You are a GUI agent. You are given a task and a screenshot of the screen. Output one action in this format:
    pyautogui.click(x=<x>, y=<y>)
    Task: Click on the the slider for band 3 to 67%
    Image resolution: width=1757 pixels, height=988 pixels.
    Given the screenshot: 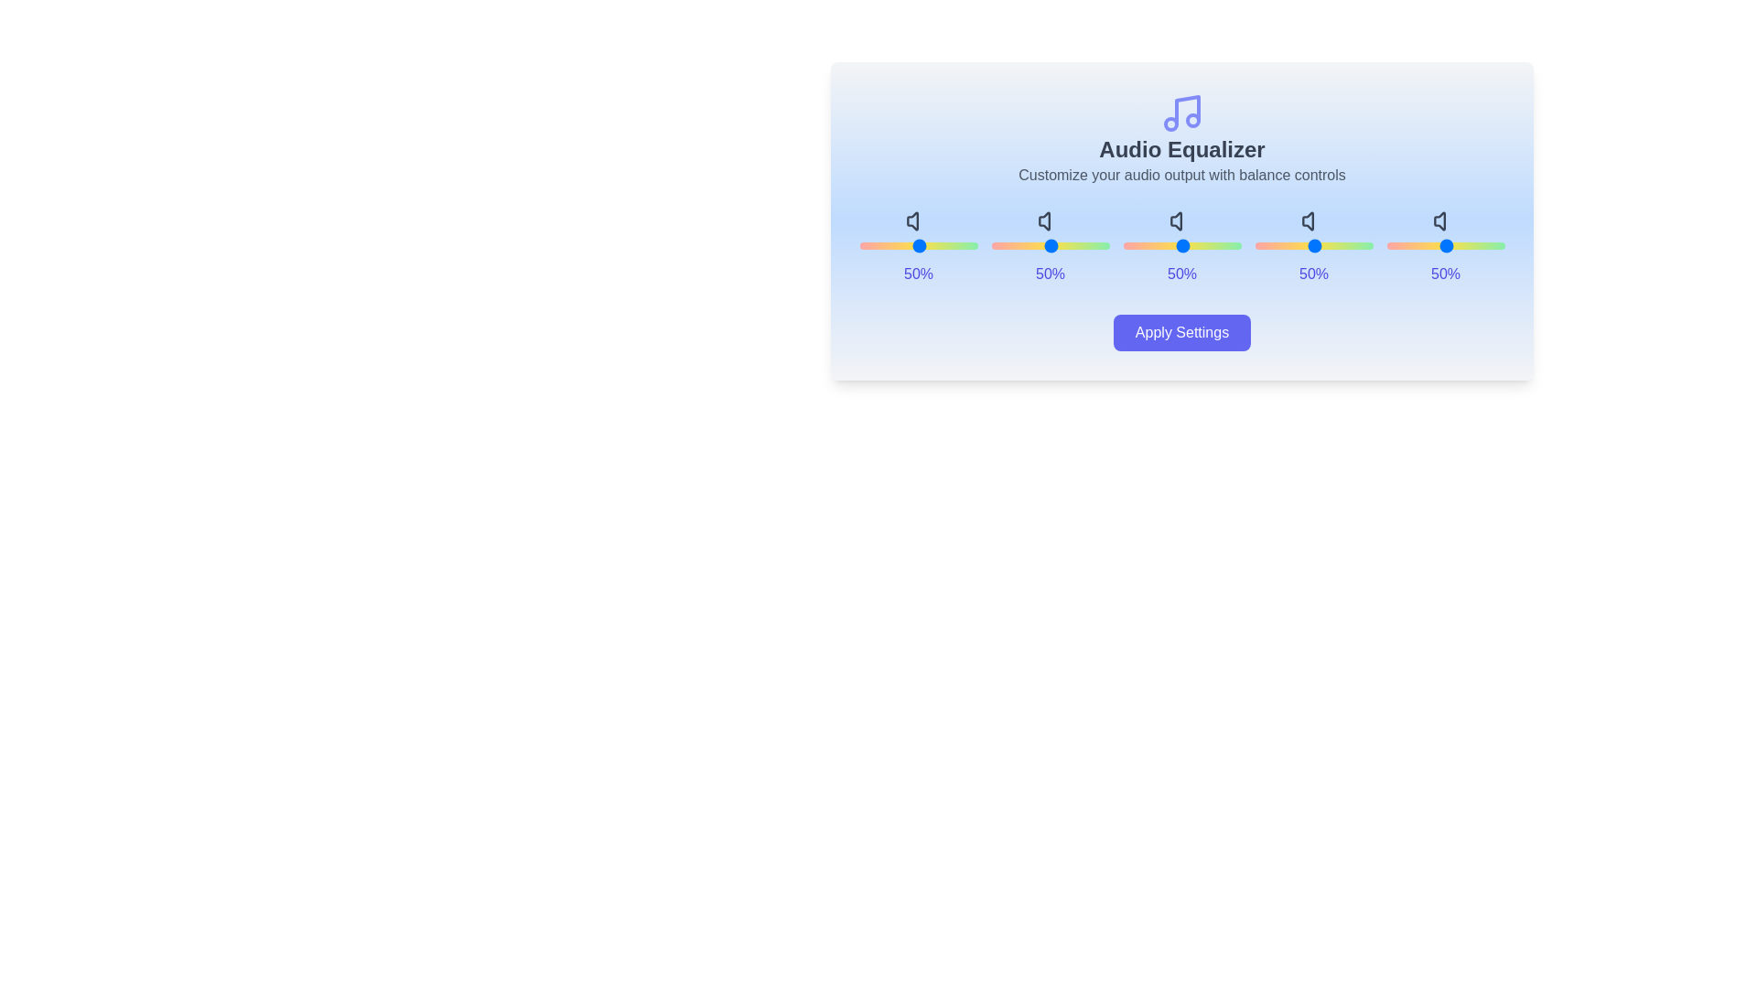 What is the action you would take?
    pyautogui.click(x=1375, y=245)
    